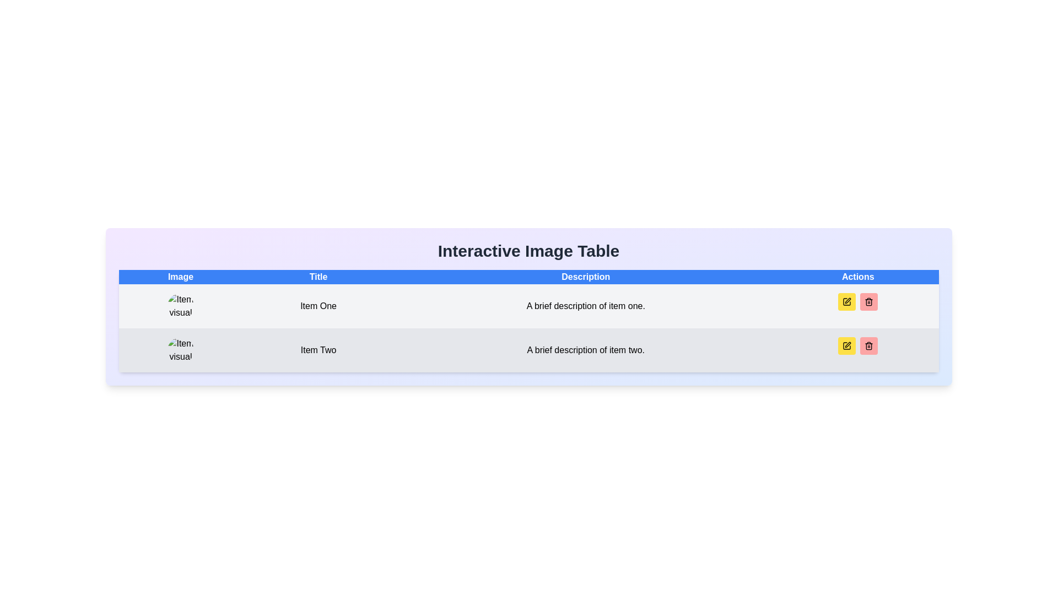  I want to click on the square writing pad icon in the 'Actions' column of the second row, so click(846, 301).